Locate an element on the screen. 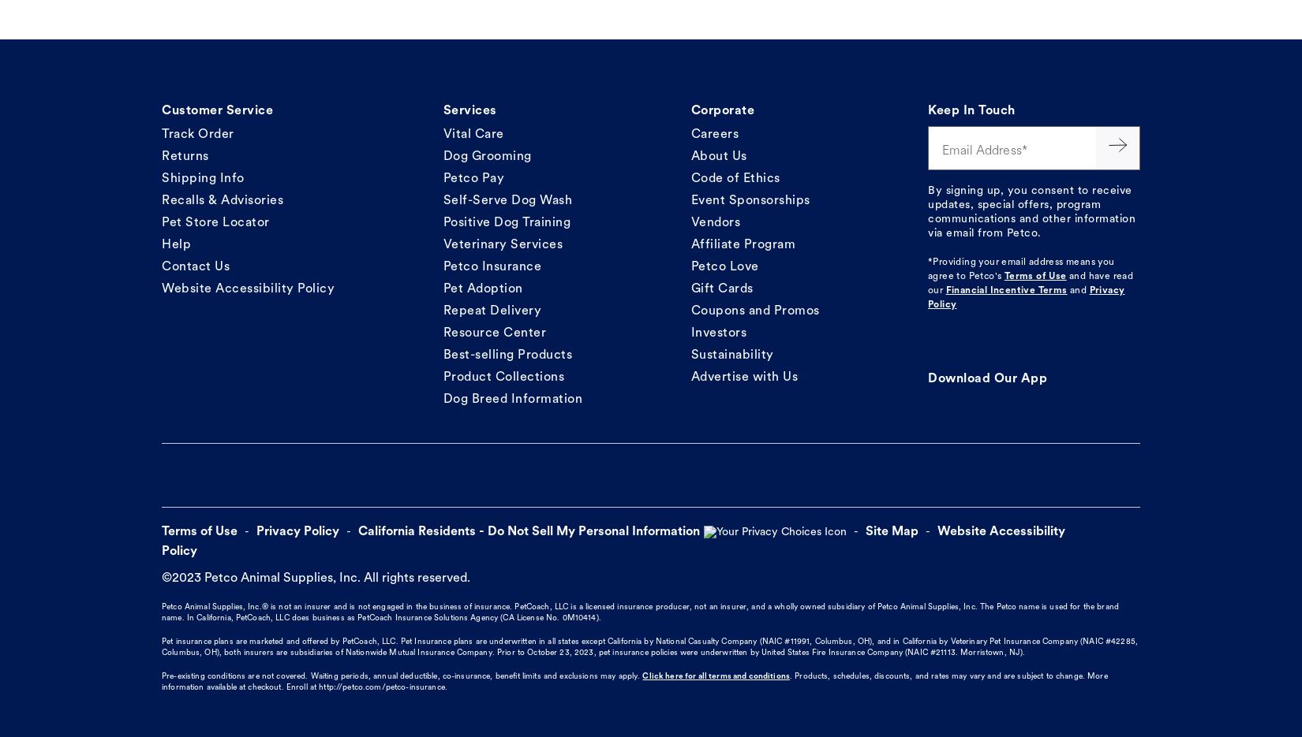 The image size is (1302, 737). 'Shipping Info' is located at coordinates (203, 177).